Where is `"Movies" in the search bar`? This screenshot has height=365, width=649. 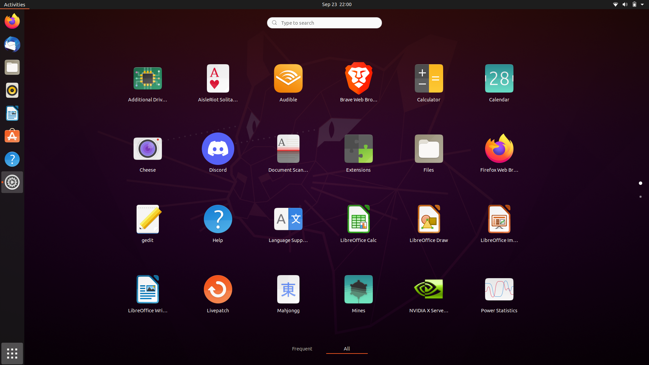
"Movies" in the search bar is located at coordinates (324, 22).